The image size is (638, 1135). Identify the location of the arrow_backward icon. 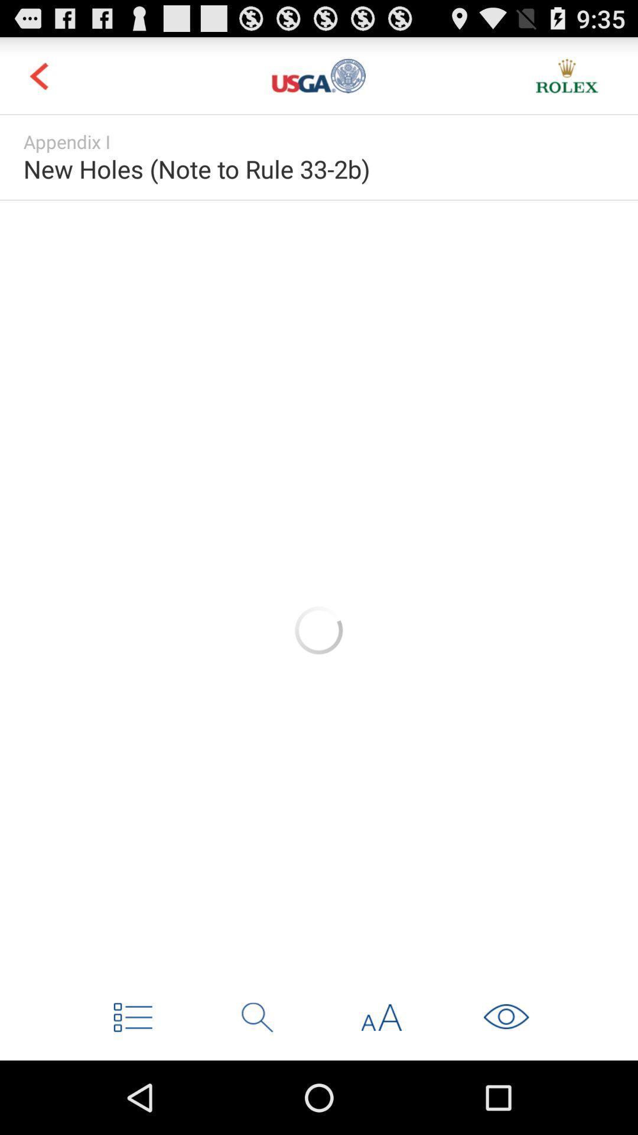
(38, 80).